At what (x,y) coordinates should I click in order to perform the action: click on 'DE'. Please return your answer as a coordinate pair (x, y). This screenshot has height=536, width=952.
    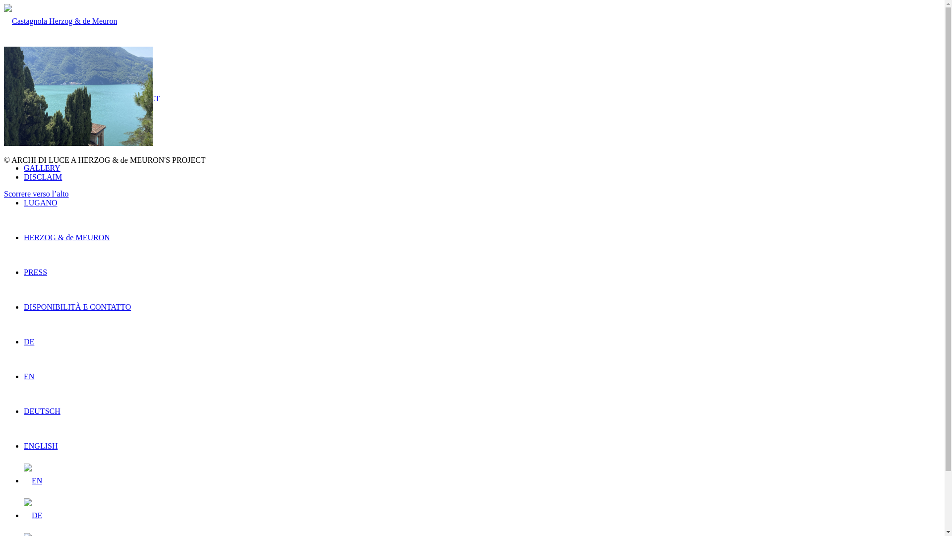
    Looking at the image, I should click on (29, 341).